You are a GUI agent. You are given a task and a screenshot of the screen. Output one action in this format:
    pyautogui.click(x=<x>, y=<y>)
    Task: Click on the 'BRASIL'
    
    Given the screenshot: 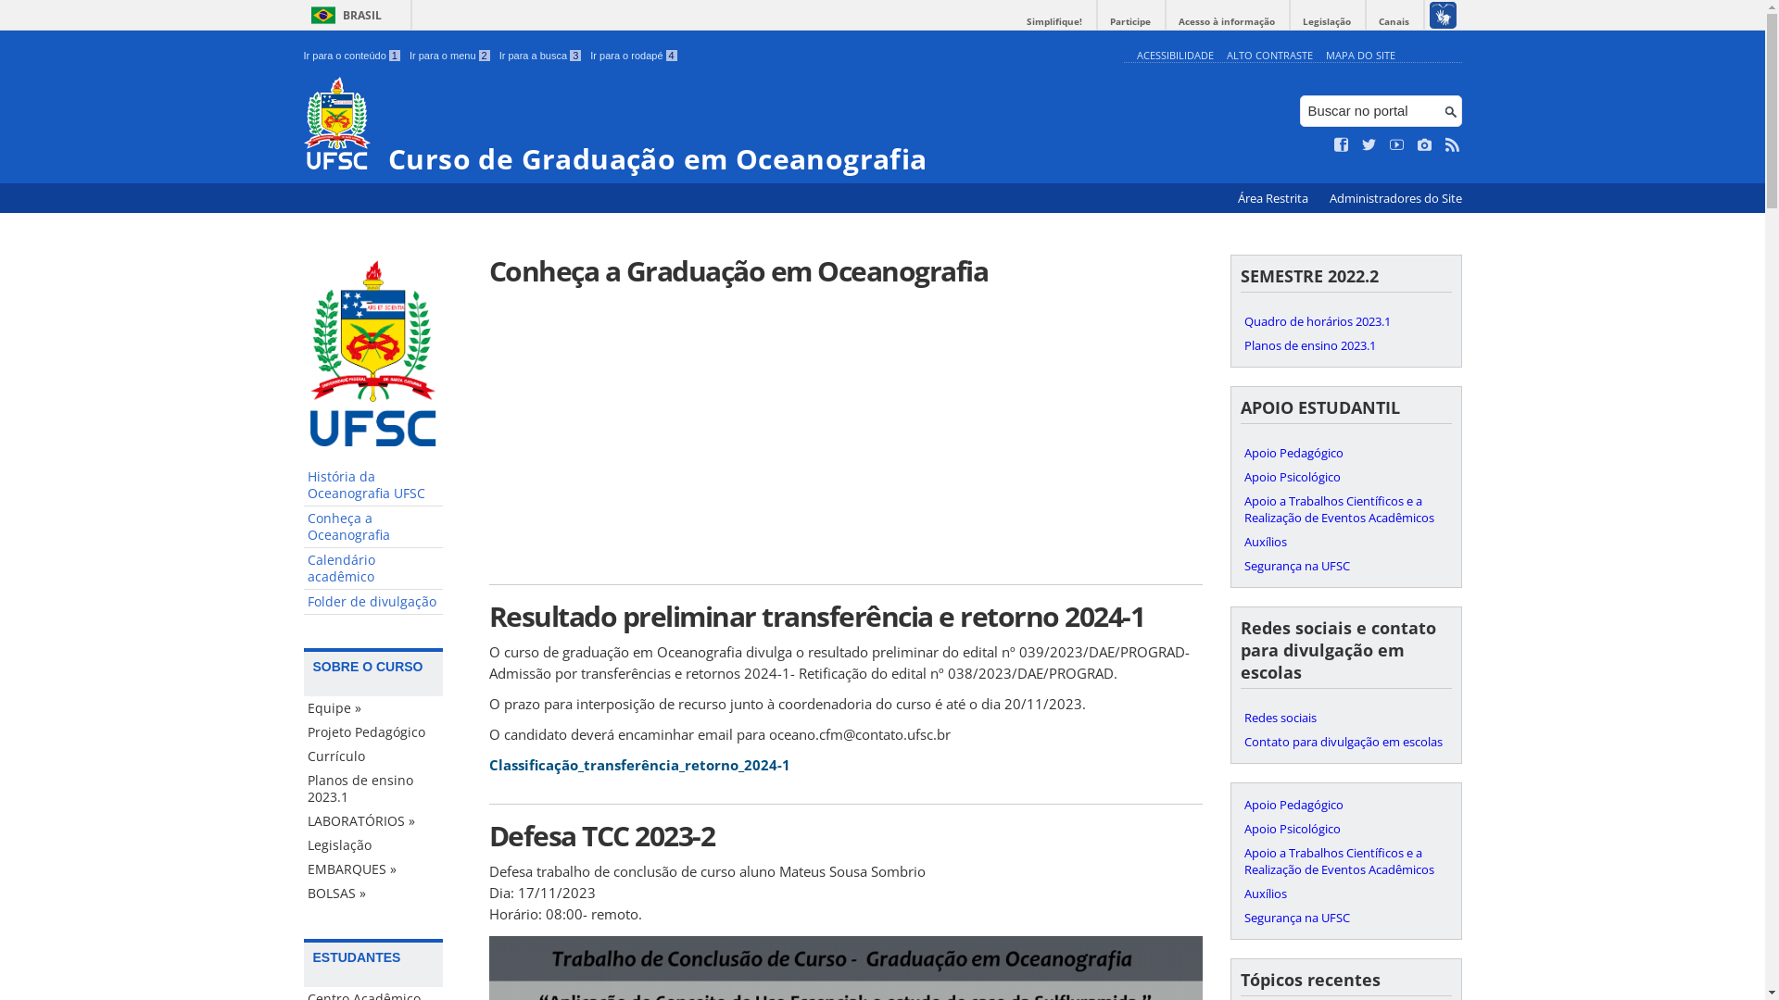 What is the action you would take?
    pyautogui.click(x=343, y=15)
    